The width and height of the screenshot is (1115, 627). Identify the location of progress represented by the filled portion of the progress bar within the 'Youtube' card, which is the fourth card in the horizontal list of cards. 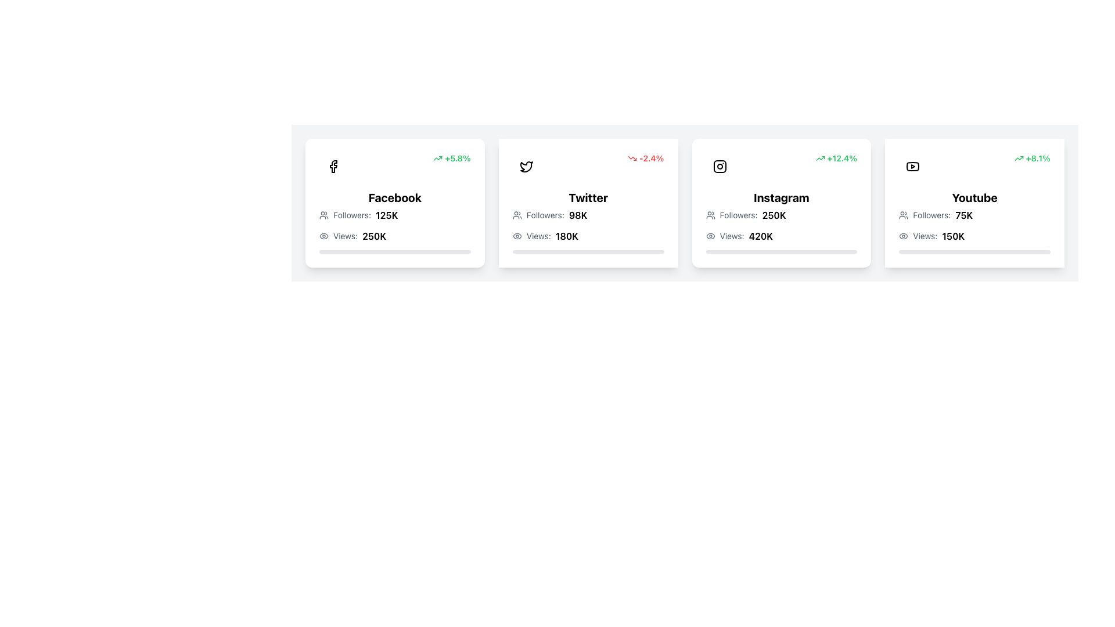
(944, 251).